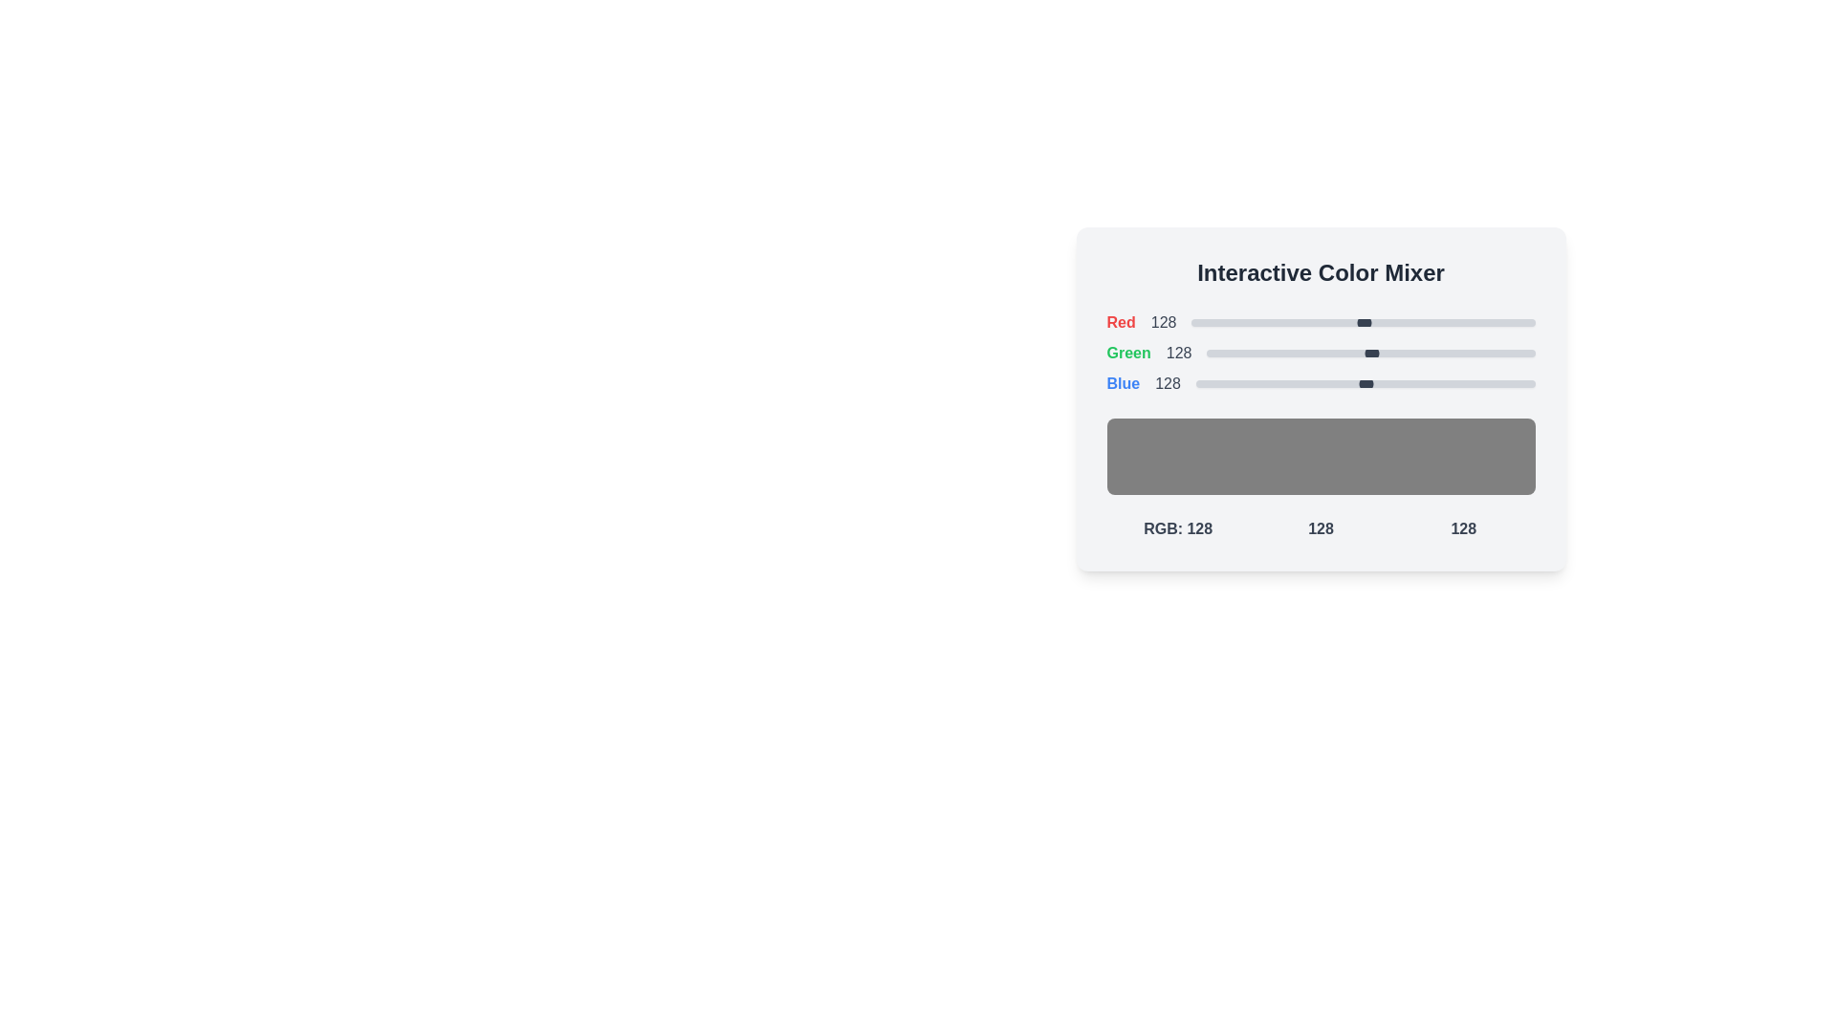  Describe the element at coordinates (1163, 322) in the screenshot. I see `the static text display showing the numeric value '128' in gray color, associated with the label 'Red' in the color mixer interface` at that location.